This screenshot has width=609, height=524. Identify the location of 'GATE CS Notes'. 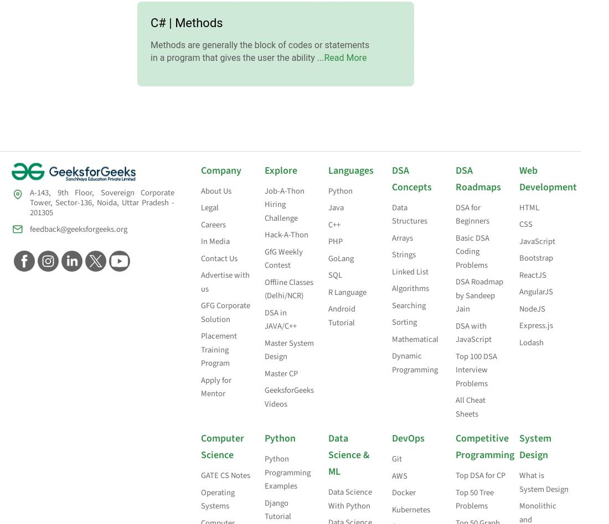
(225, 475).